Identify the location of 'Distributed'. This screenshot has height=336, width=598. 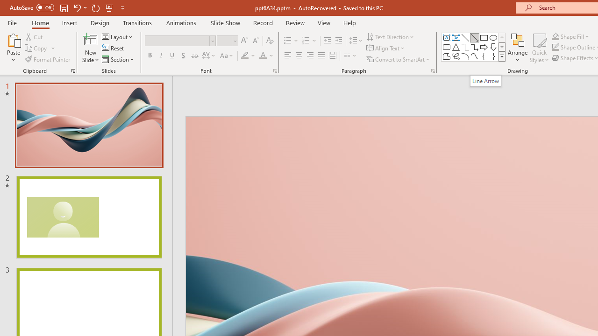
(333, 56).